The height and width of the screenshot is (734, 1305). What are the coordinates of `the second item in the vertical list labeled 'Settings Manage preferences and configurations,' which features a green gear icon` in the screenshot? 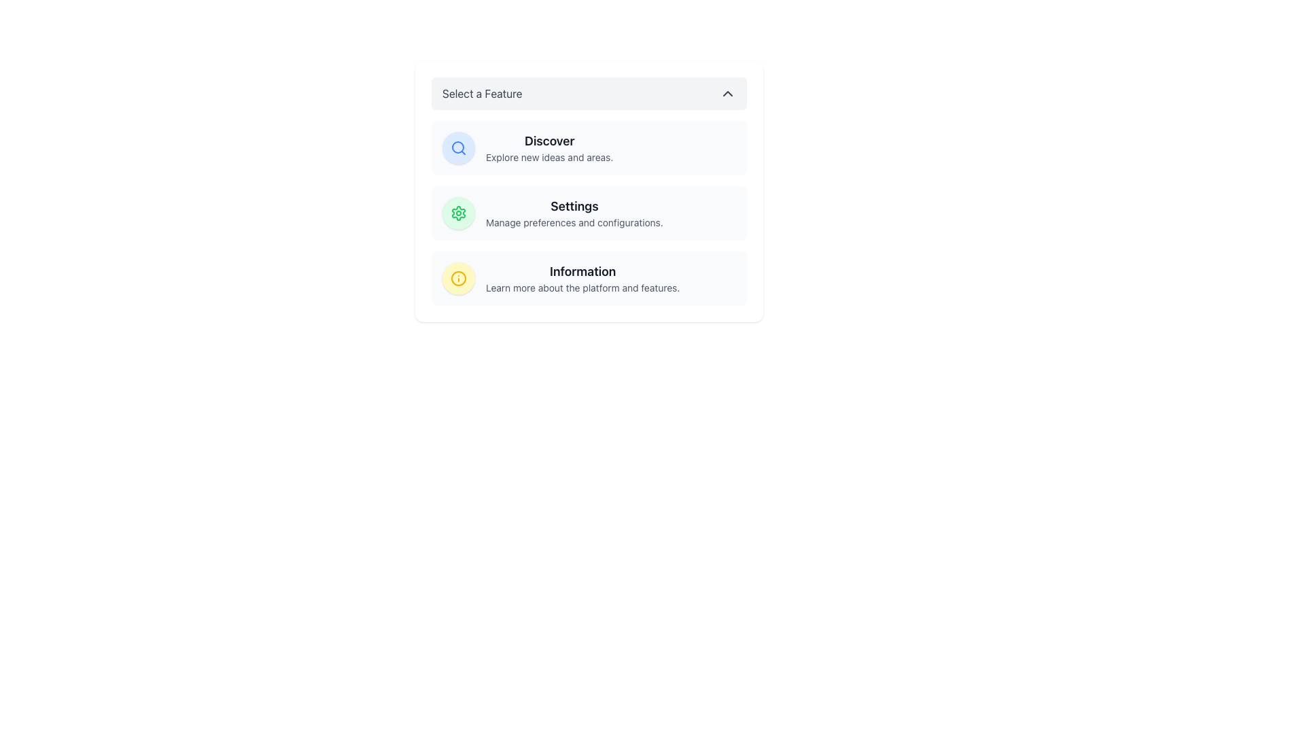 It's located at (589, 213).